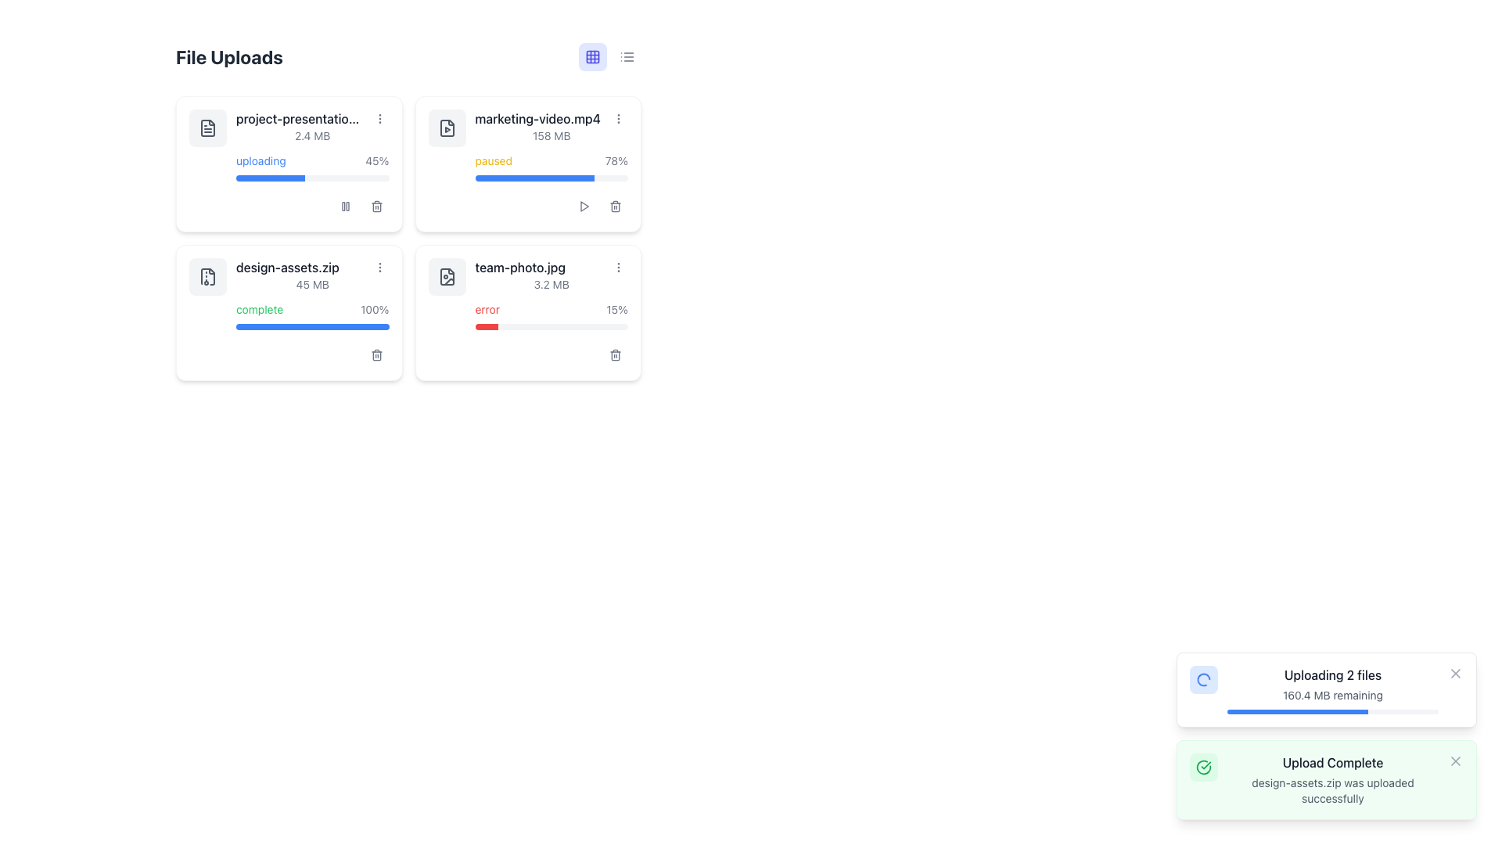 The width and height of the screenshot is (1502, 845). Describe the element at coordinates (207, 276) in the screenshot. I see `the zipped archive icon indicating the 'design-assets.zip' file in the 'File Uploads' section, located at the top-left corner of the second row` at that location.